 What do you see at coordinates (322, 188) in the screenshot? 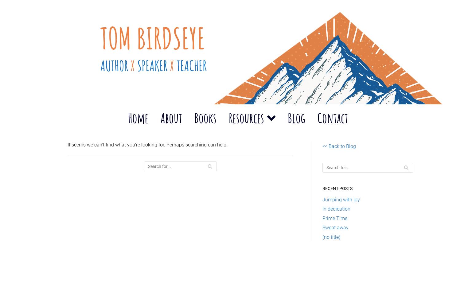
I see `'Recent Posts'` at bounding box center [322, 188].